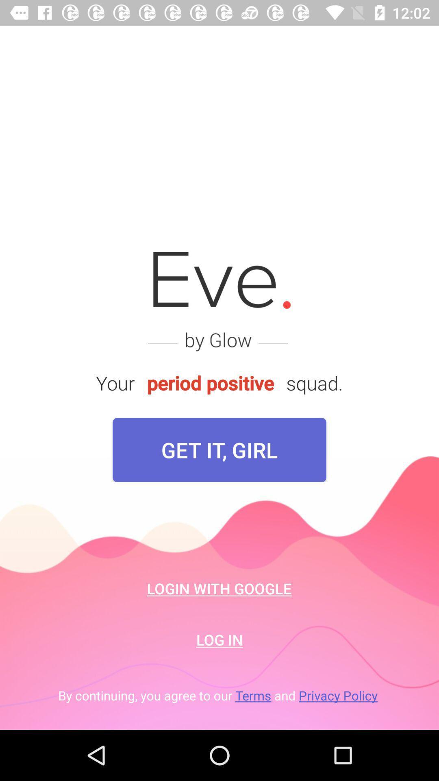 Image resolution: width=439 pixels, height=781 pixels. I want to click on login with google, so click(219, 588).